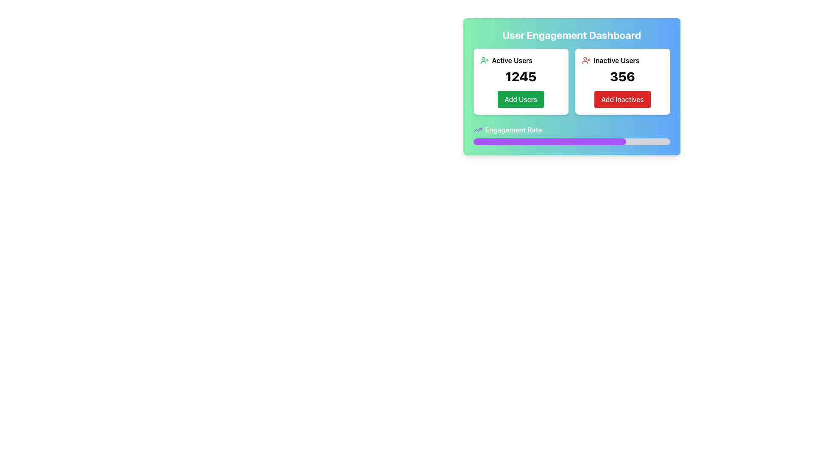 This screenshot has height=457, width=814. What do you see at coordinates (622, 99) in the screenshot?
I see `the prominent red button labeled 'Add Inactives' located at the bottom of the inactive users panel` at bounding box center [622, 99].